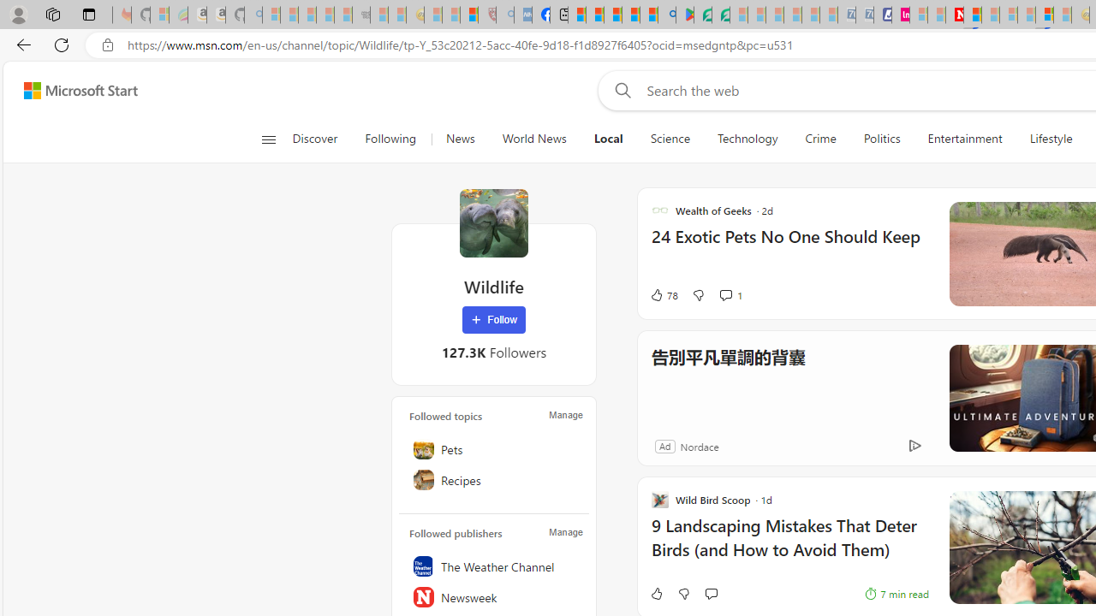  Describe the element at coordinates (655, 593) in the screenshot. I see `'Like'` at that location.